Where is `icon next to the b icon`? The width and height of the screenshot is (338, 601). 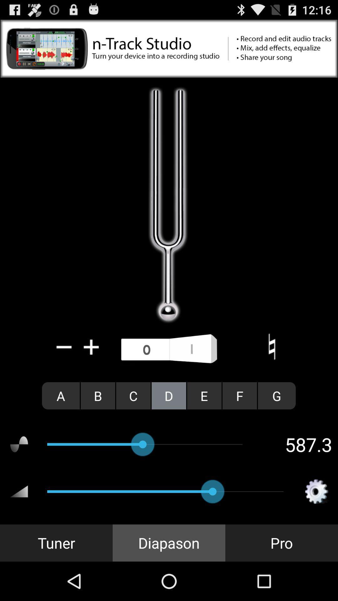 icon next to the b icon is located at coordinates (133, 395).